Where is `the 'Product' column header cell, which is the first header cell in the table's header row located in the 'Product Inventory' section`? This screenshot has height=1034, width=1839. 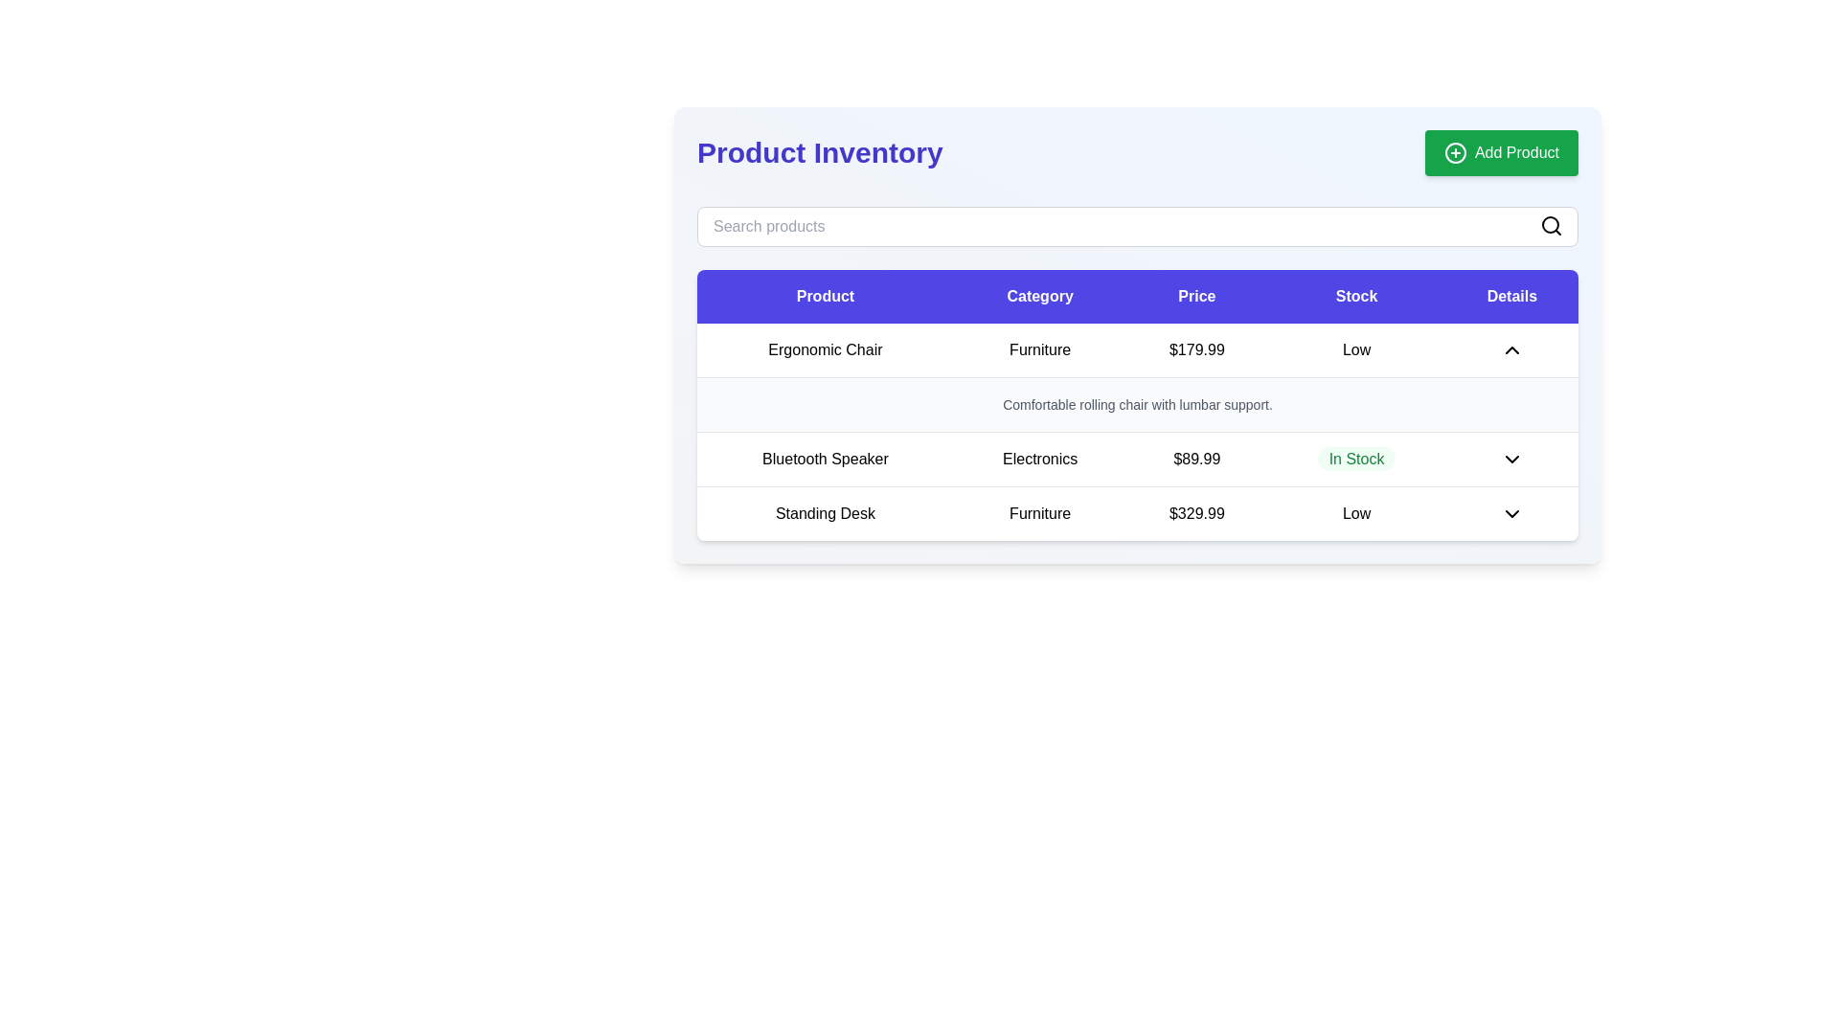
the 'Product' column header cell, which is the first header cell in the table's header row located in the 'Product Inventory' section is located at coordinates (825, 296).